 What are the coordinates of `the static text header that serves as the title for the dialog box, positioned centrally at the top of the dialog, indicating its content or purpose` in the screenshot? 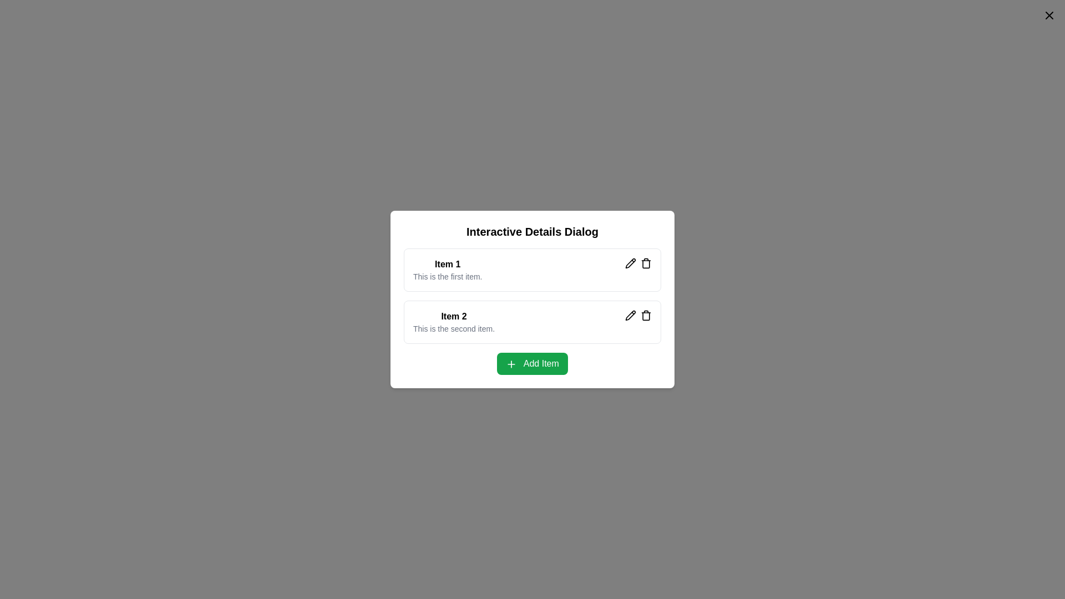 It's located at (532, 231).